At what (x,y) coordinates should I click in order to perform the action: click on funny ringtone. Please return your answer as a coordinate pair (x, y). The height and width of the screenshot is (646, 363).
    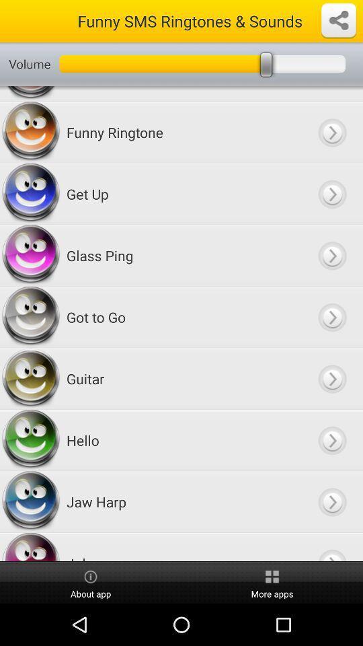
    Looking at the image, I should click on (331, 133).